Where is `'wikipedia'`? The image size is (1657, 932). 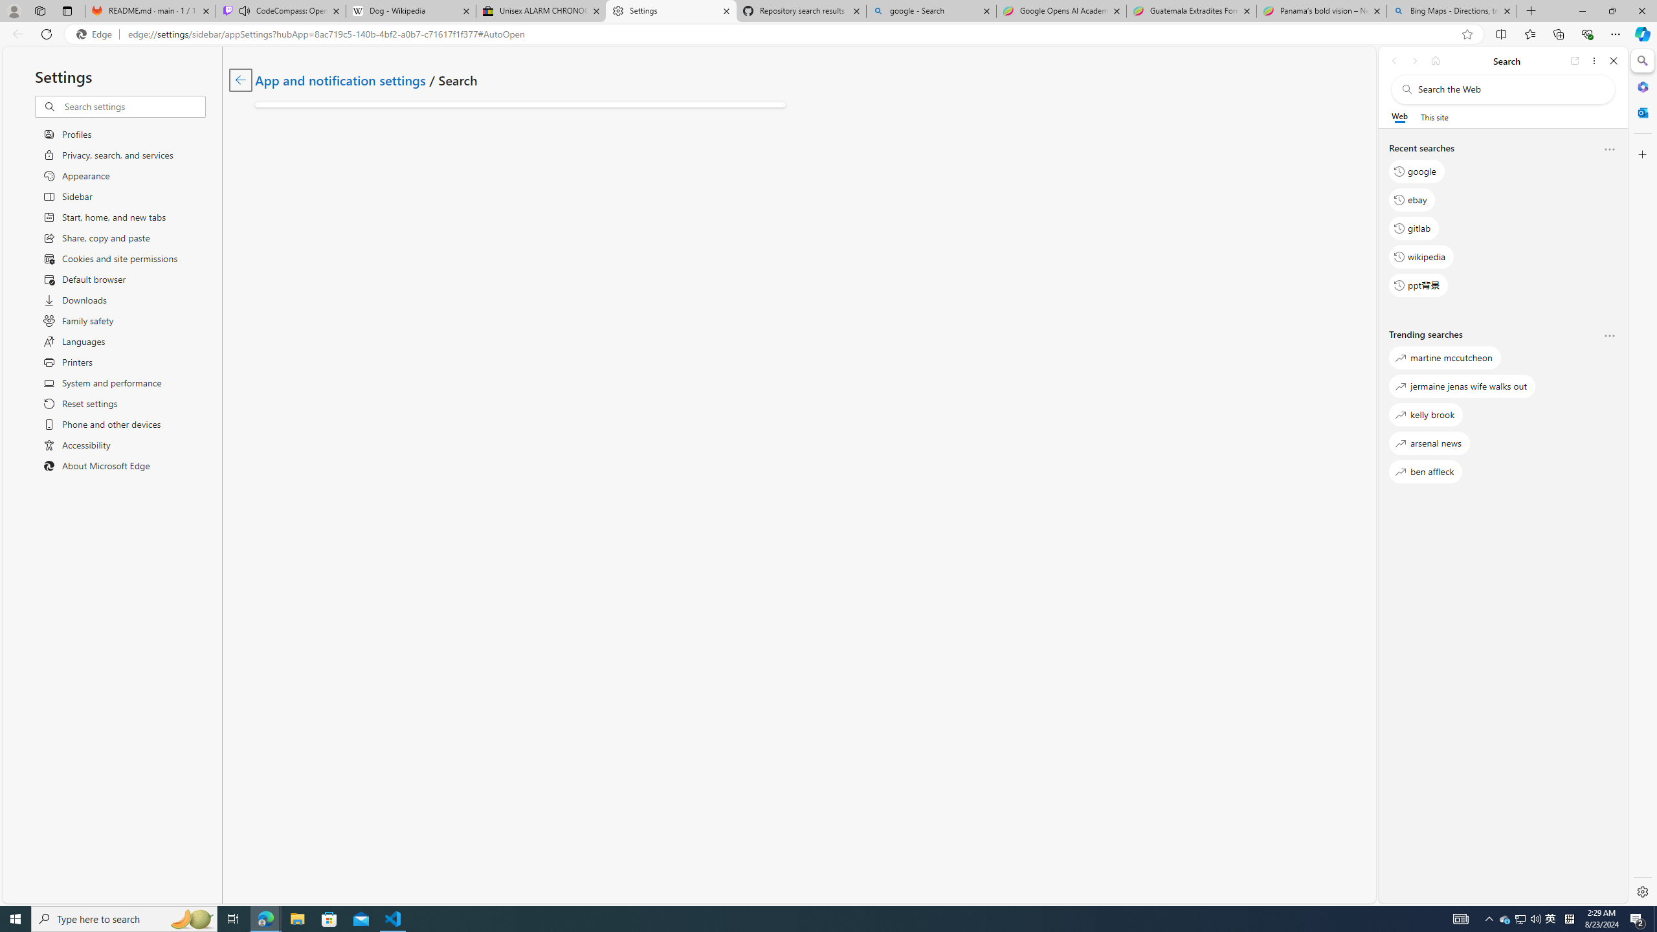 'wikipedia' is located at coordinates (1421, 256).